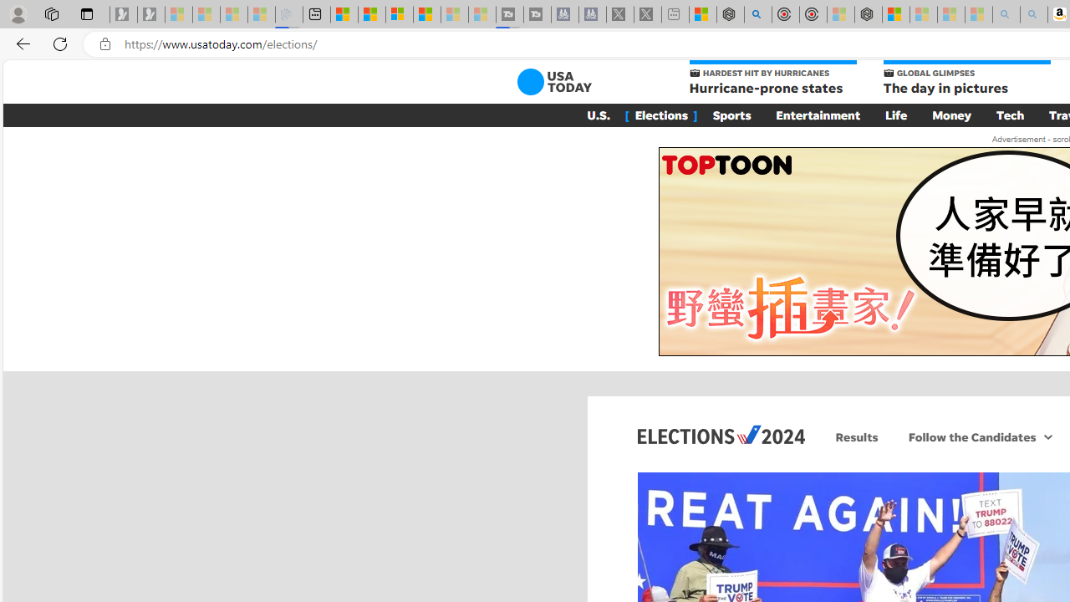 Image resolution: width=1070 pixels, height=602 pixels. I want to click on 'USA TODAY', so click(554, 81).